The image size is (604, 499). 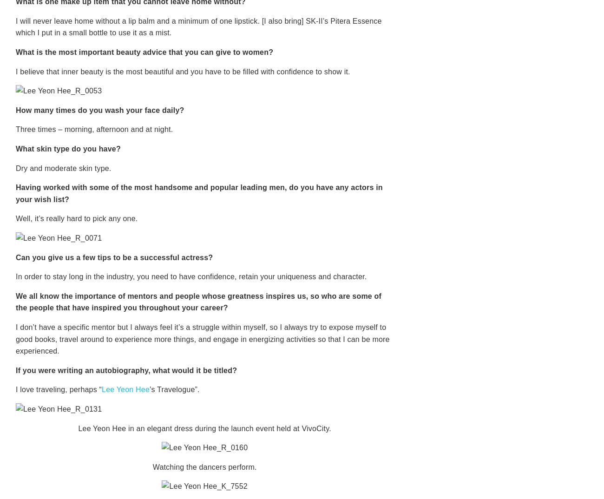 What do you see at coordinates (94, 129) in the screenshot?
I see `'Three times – morning, afternoon and at night.'` at bounding box center [94, 129].